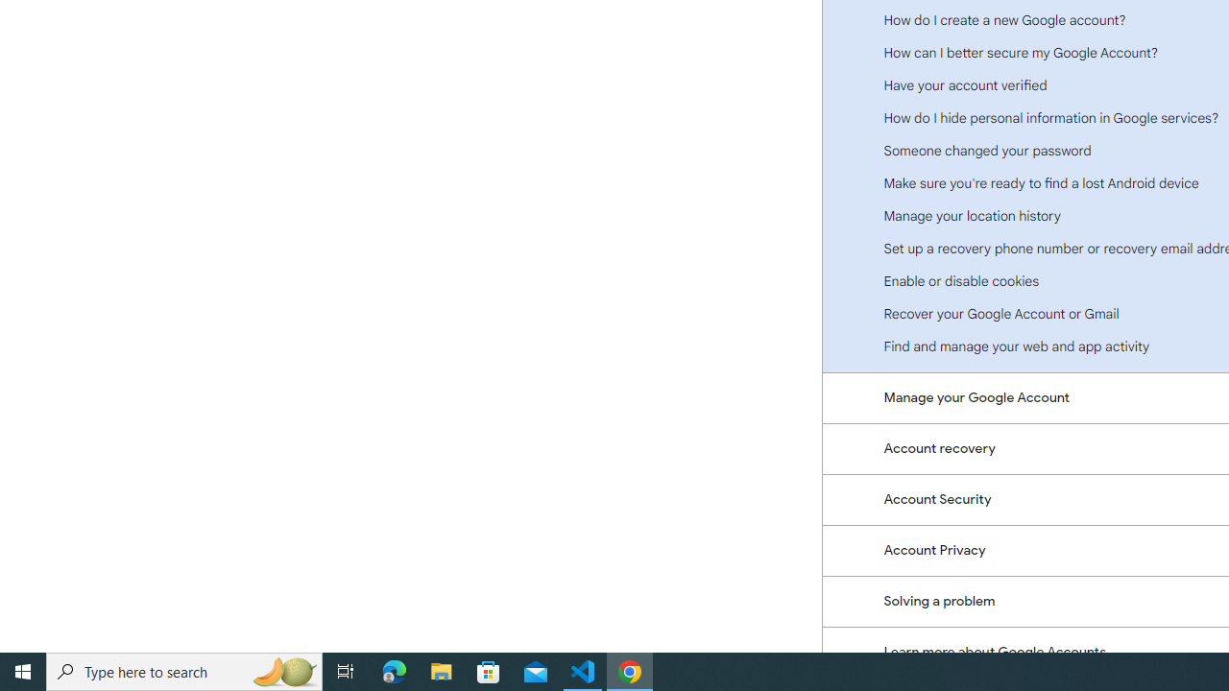 The width and height of the screenshot is (1229, 691). I want to click on 'Microsoft Edge', so click(394, 670).